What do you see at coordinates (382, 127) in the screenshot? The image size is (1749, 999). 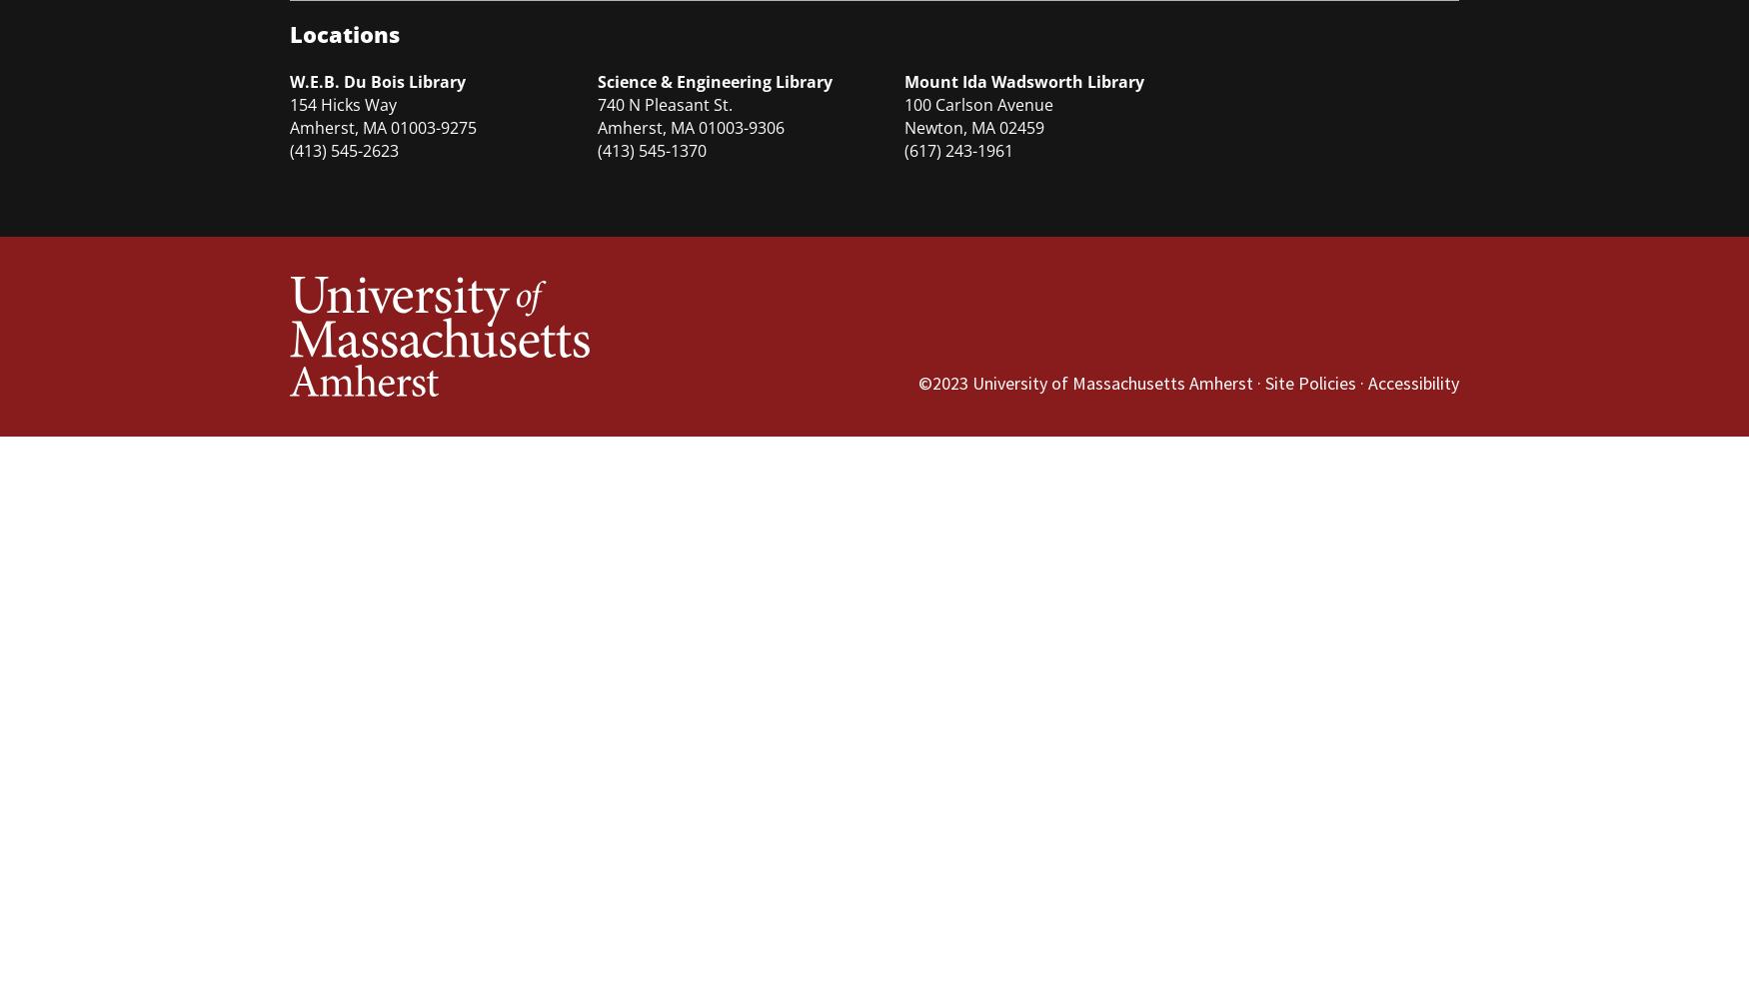 I see `'Amherst, MA 01003-9275'` at bounding box center [382, 127].